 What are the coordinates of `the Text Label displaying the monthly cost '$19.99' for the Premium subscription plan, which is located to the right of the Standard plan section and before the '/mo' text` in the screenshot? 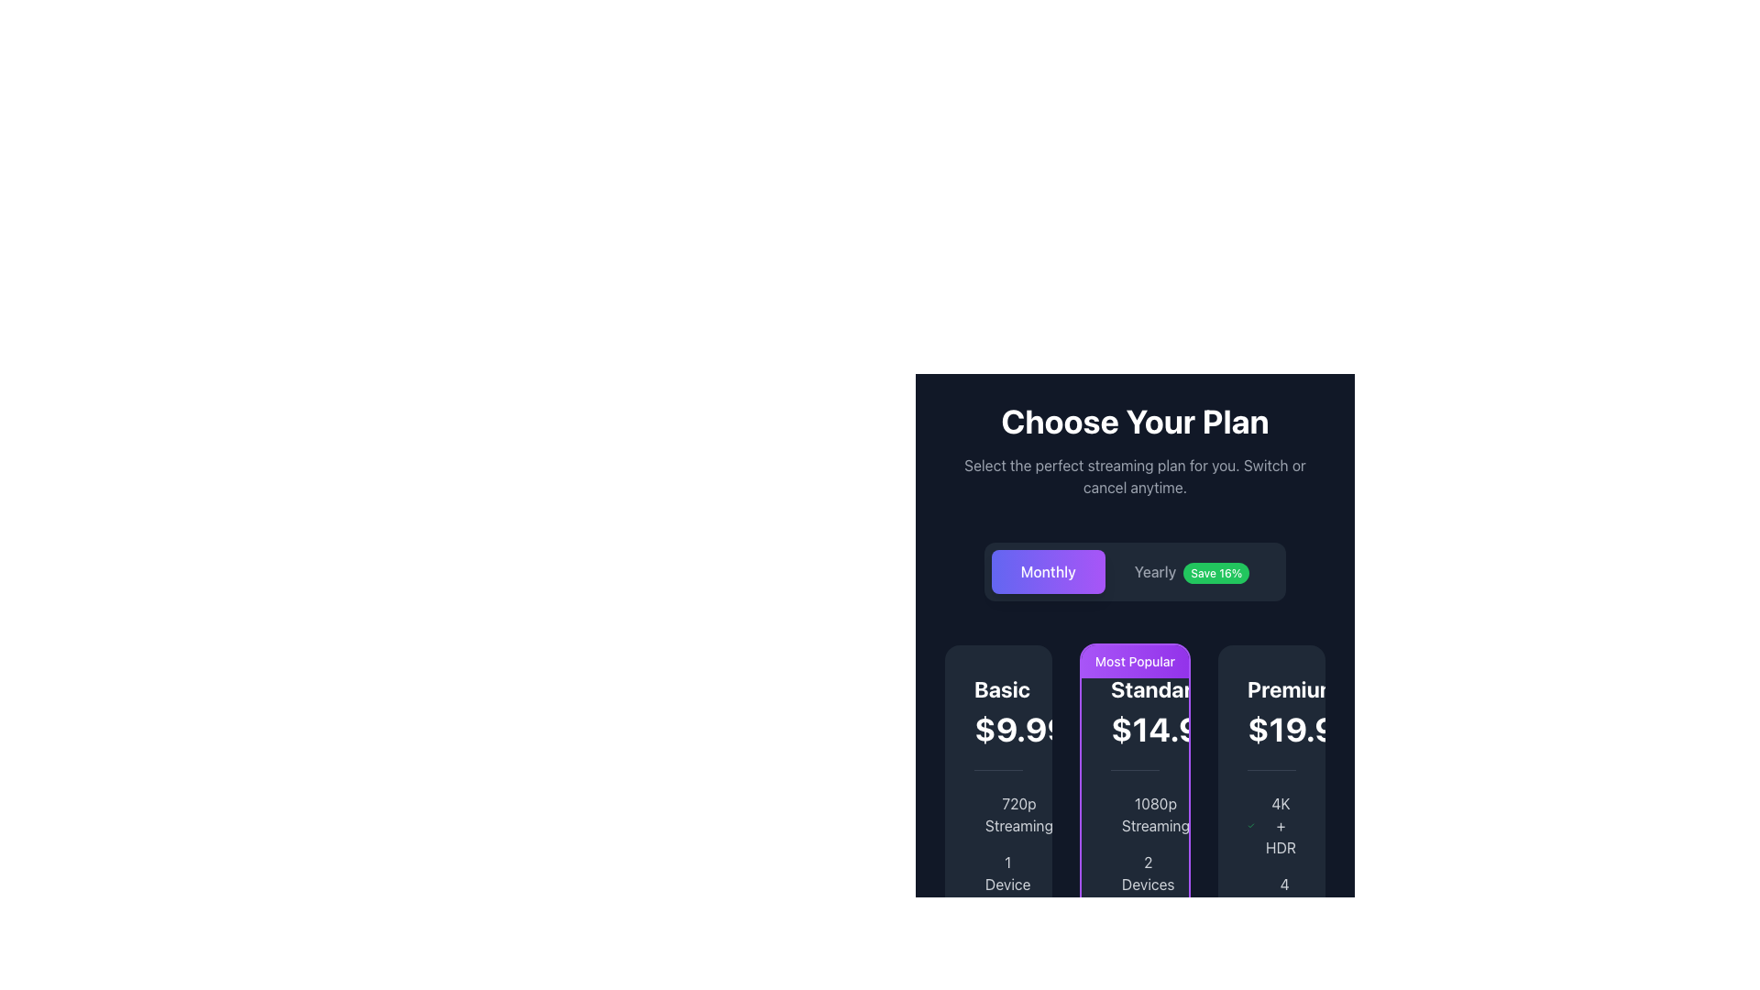 It's located at (1302, 728).